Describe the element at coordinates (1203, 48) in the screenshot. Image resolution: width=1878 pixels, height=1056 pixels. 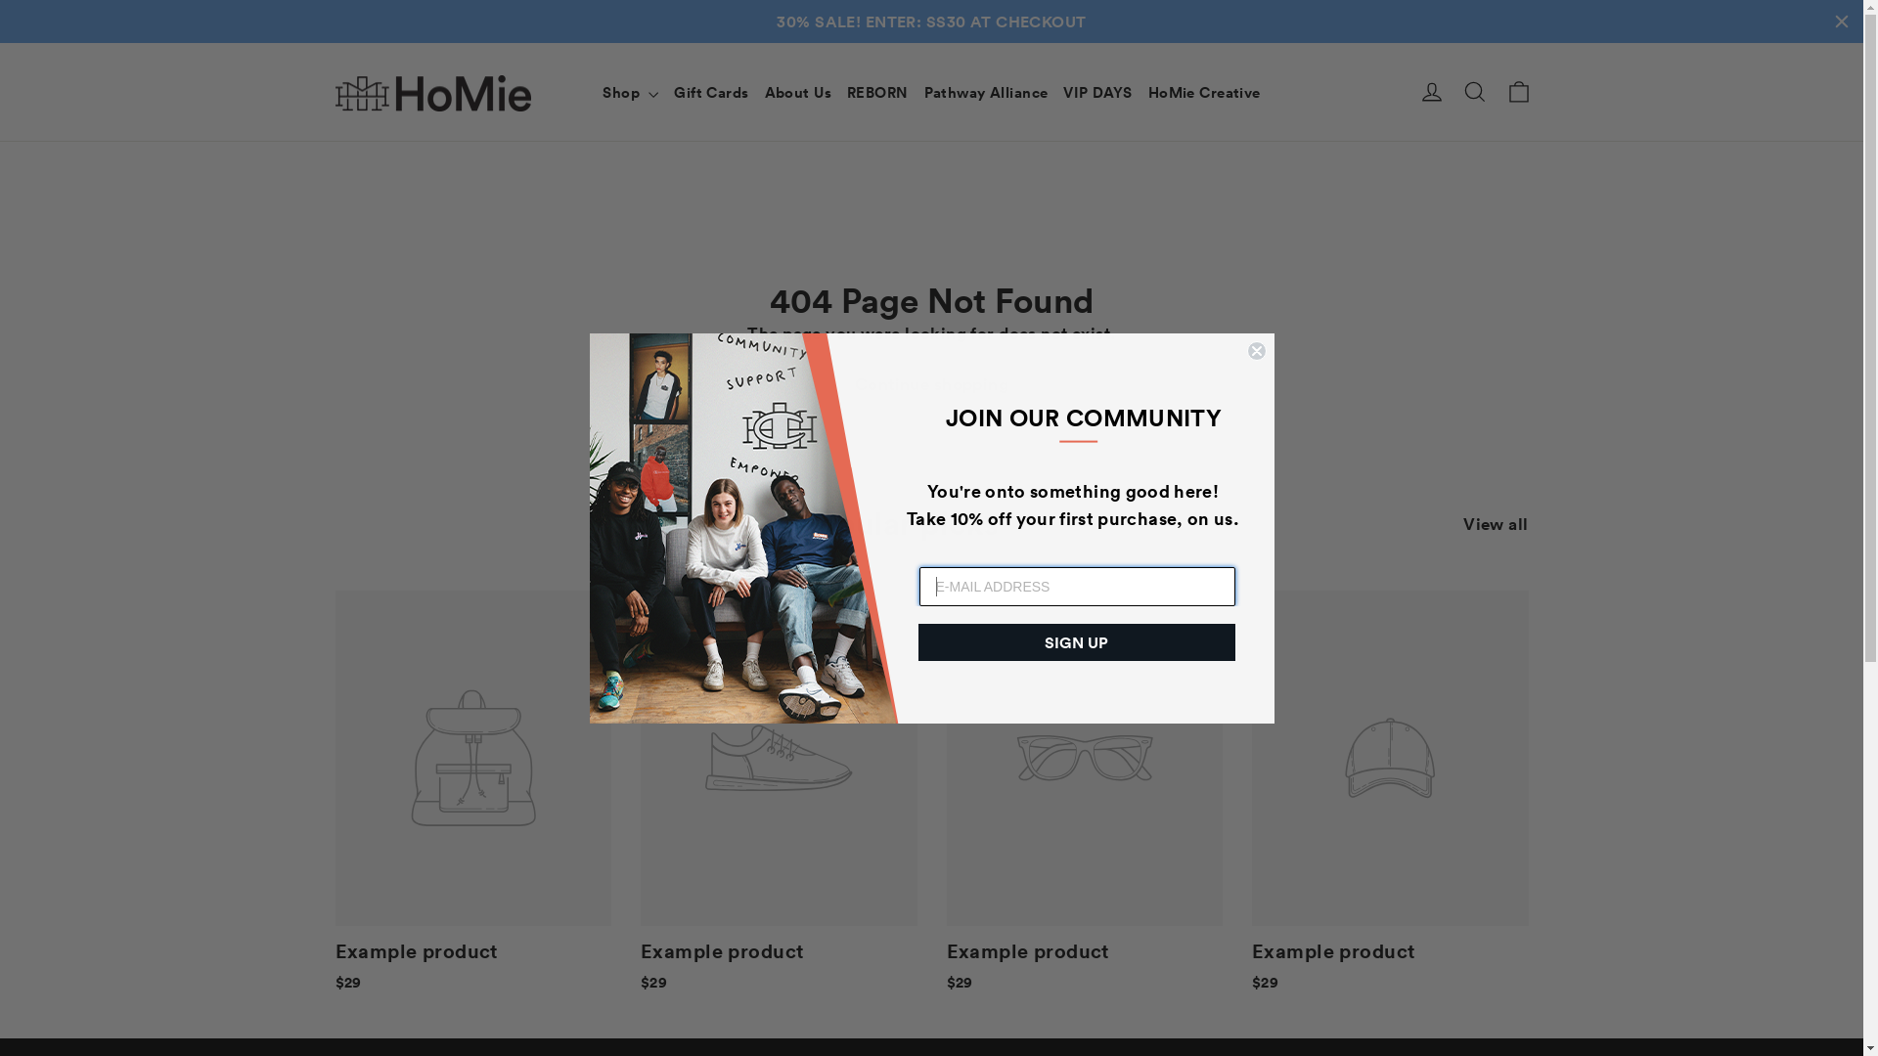
I see `'HoMie Creative'` at that location.